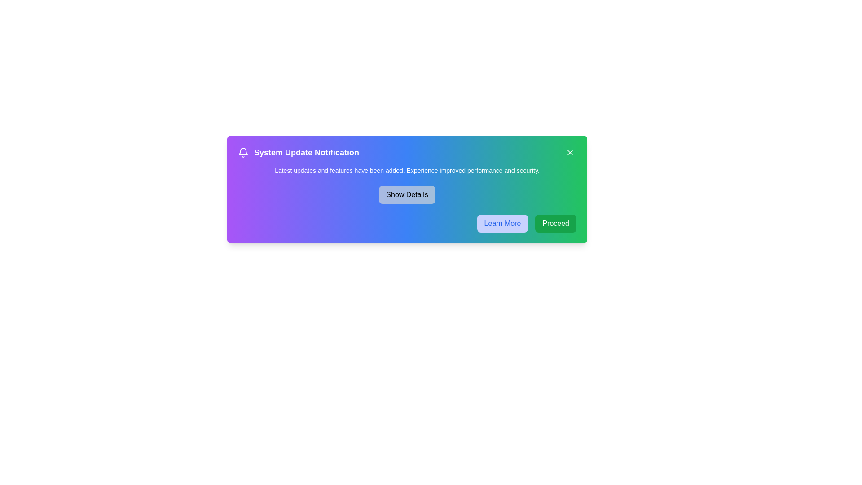 The width and height of the screenshot is (862, 485). What do you see at coordinates (570, 152) in the screenshot?
I see `the close button located at the top-right corner of the notification window, adjacent to the title 'System Update Notification'` at bounding box center [570, 152].